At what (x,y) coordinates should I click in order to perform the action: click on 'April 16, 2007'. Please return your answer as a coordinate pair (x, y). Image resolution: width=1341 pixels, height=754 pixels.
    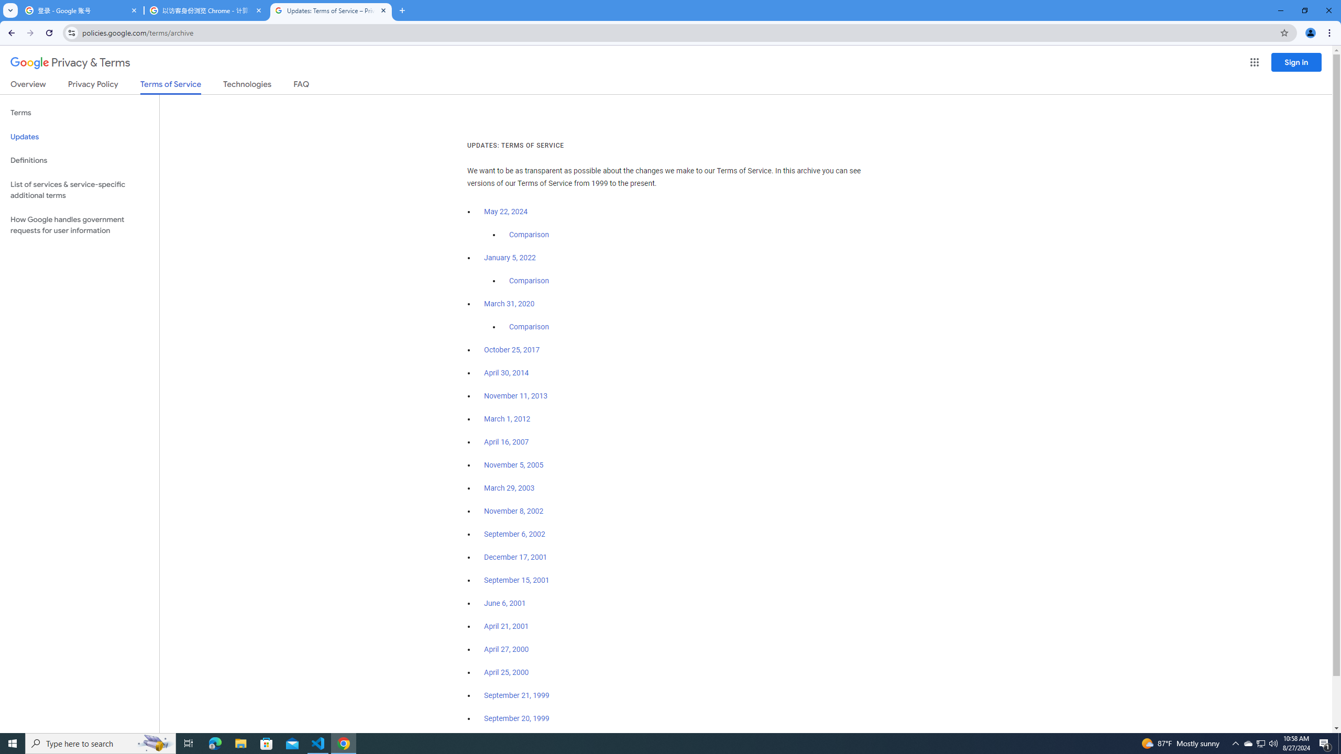
    Looking at the image, I should click on (506, 442).